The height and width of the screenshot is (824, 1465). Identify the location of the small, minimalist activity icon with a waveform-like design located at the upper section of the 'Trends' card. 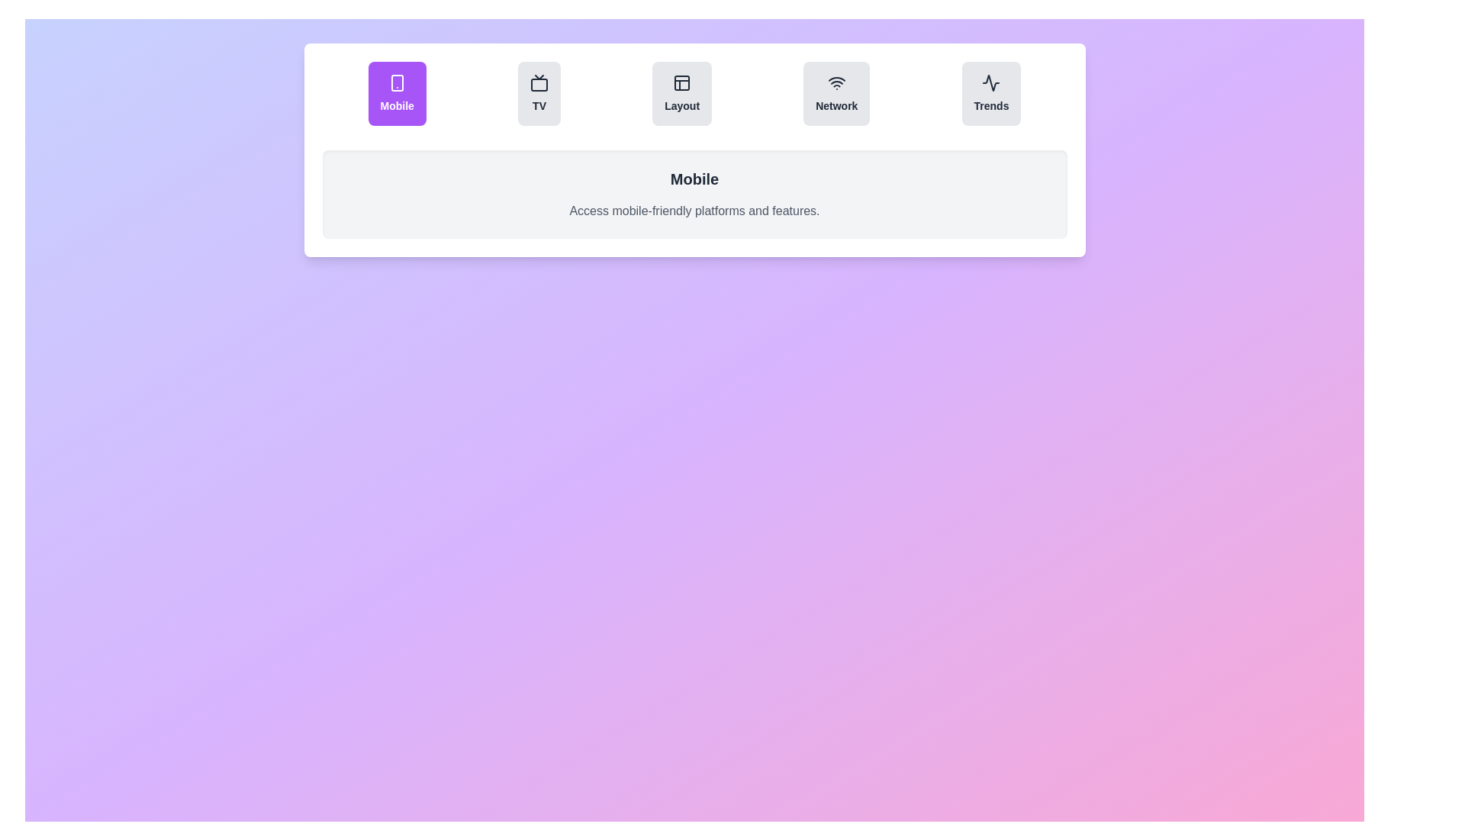
(991, 82).